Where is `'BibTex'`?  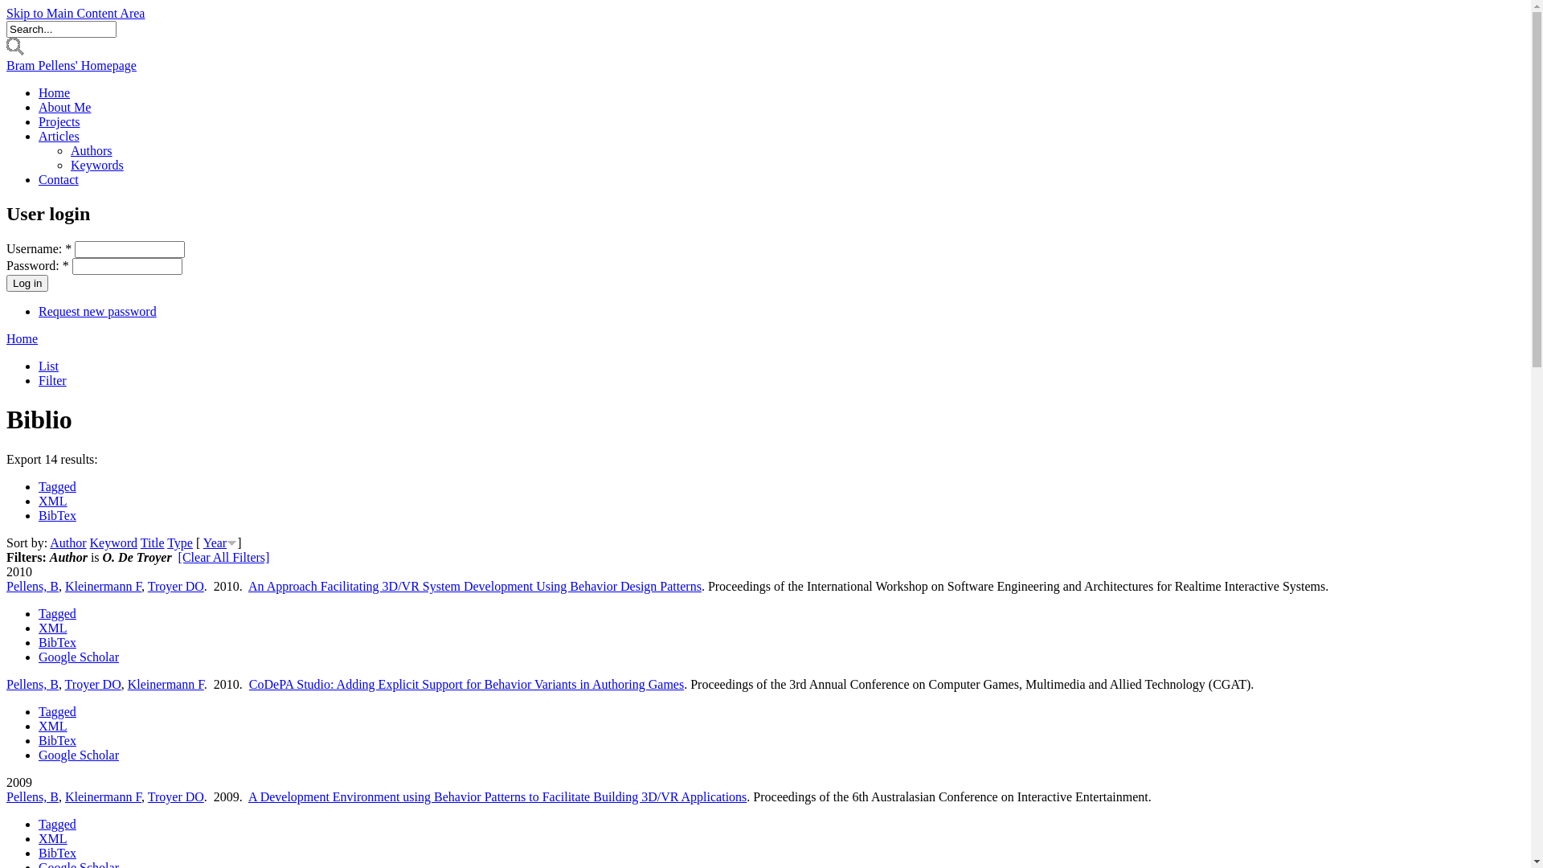 'BibTex' is located at coordinates (57, 852).